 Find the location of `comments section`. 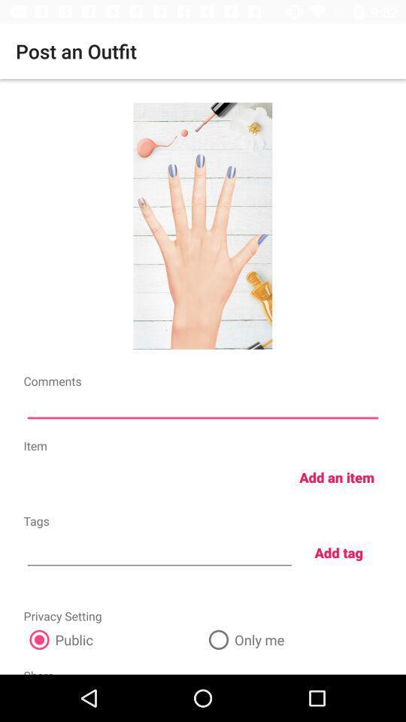

comments section is located at coordinates (203, 407).